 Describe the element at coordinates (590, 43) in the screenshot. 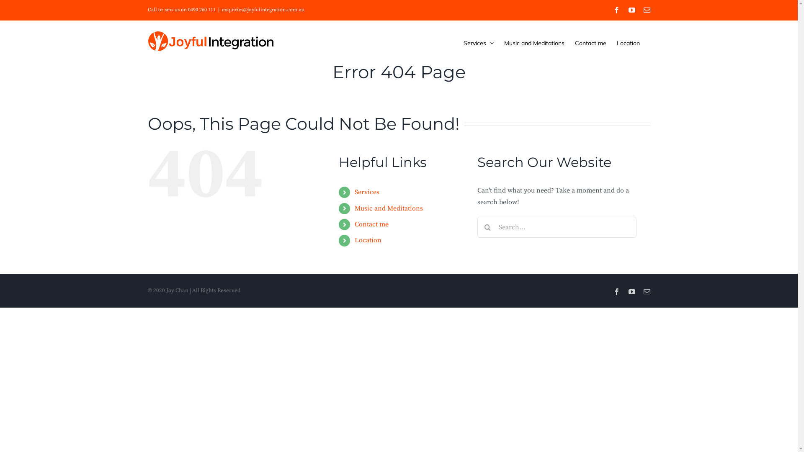

I see `'Contact me'` at that location.